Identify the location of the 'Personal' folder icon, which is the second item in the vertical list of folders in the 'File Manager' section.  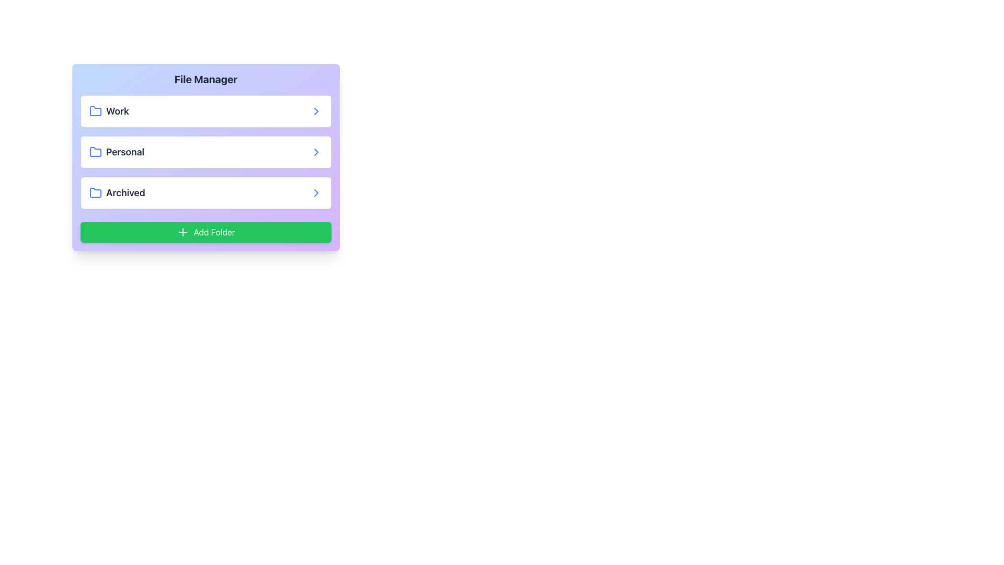
(95, 151).